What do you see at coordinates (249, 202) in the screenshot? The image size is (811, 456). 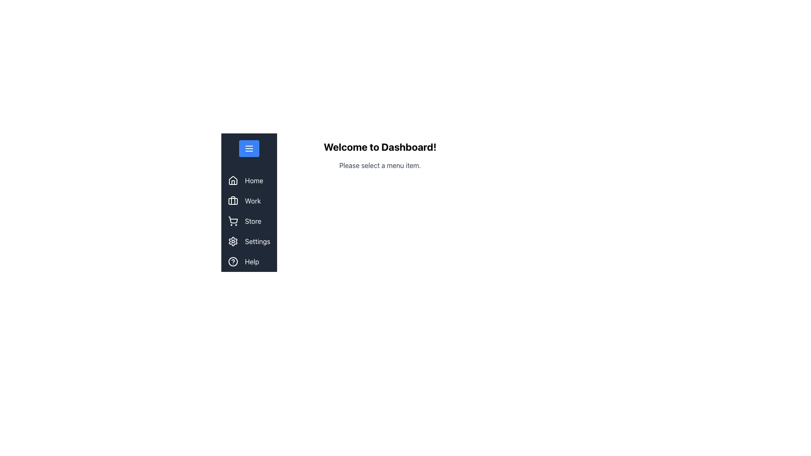 I see `the menu button located in the left navigation panel, which is the second item below the main toggle button` at bounding box center [249, 202].